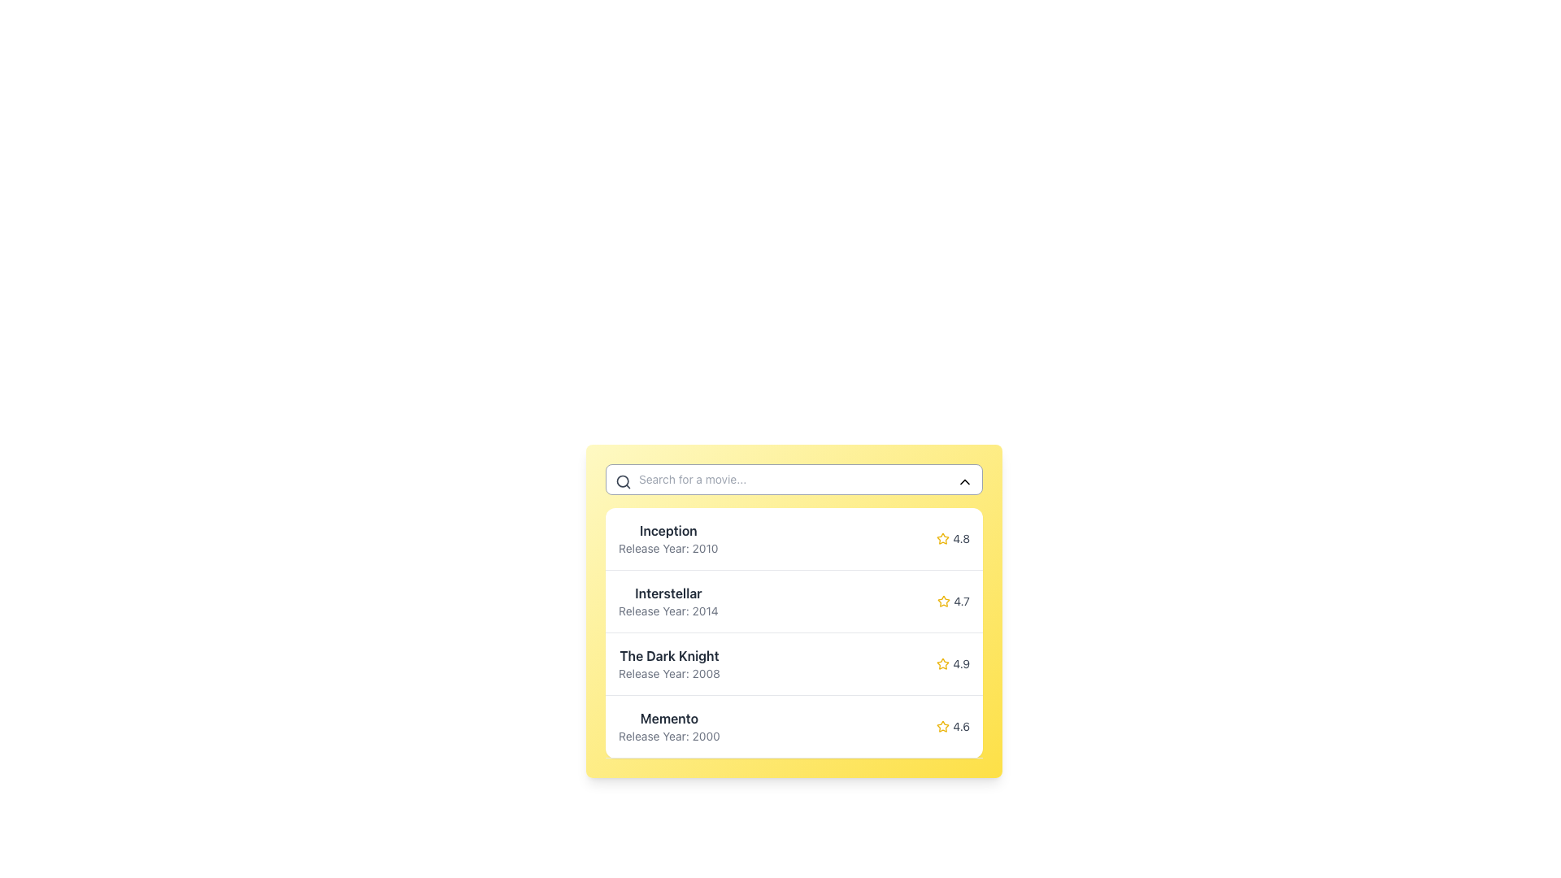 This screenshot has height=878, width=1561. I want to click on the yellow star icon representing a rating, which is positioned next to the number 4.9 in the user interface for the movie 'The Dark Knight', so click(943, 664).